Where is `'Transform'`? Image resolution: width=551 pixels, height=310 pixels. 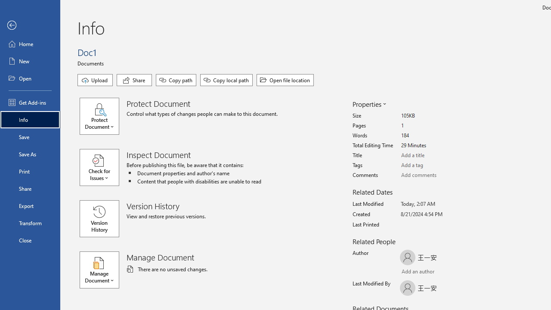
'Transform' is located at coordinates (30, 223).